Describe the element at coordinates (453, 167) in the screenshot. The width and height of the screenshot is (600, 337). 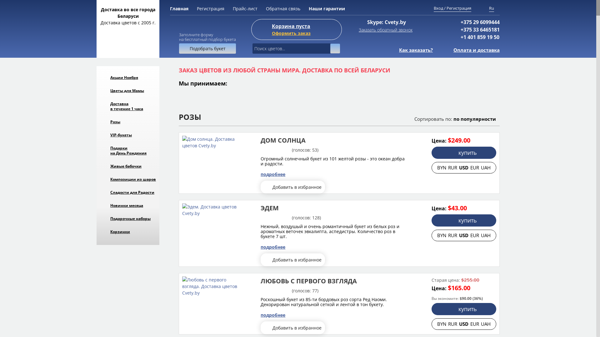
I see `'RUR'` at that location.